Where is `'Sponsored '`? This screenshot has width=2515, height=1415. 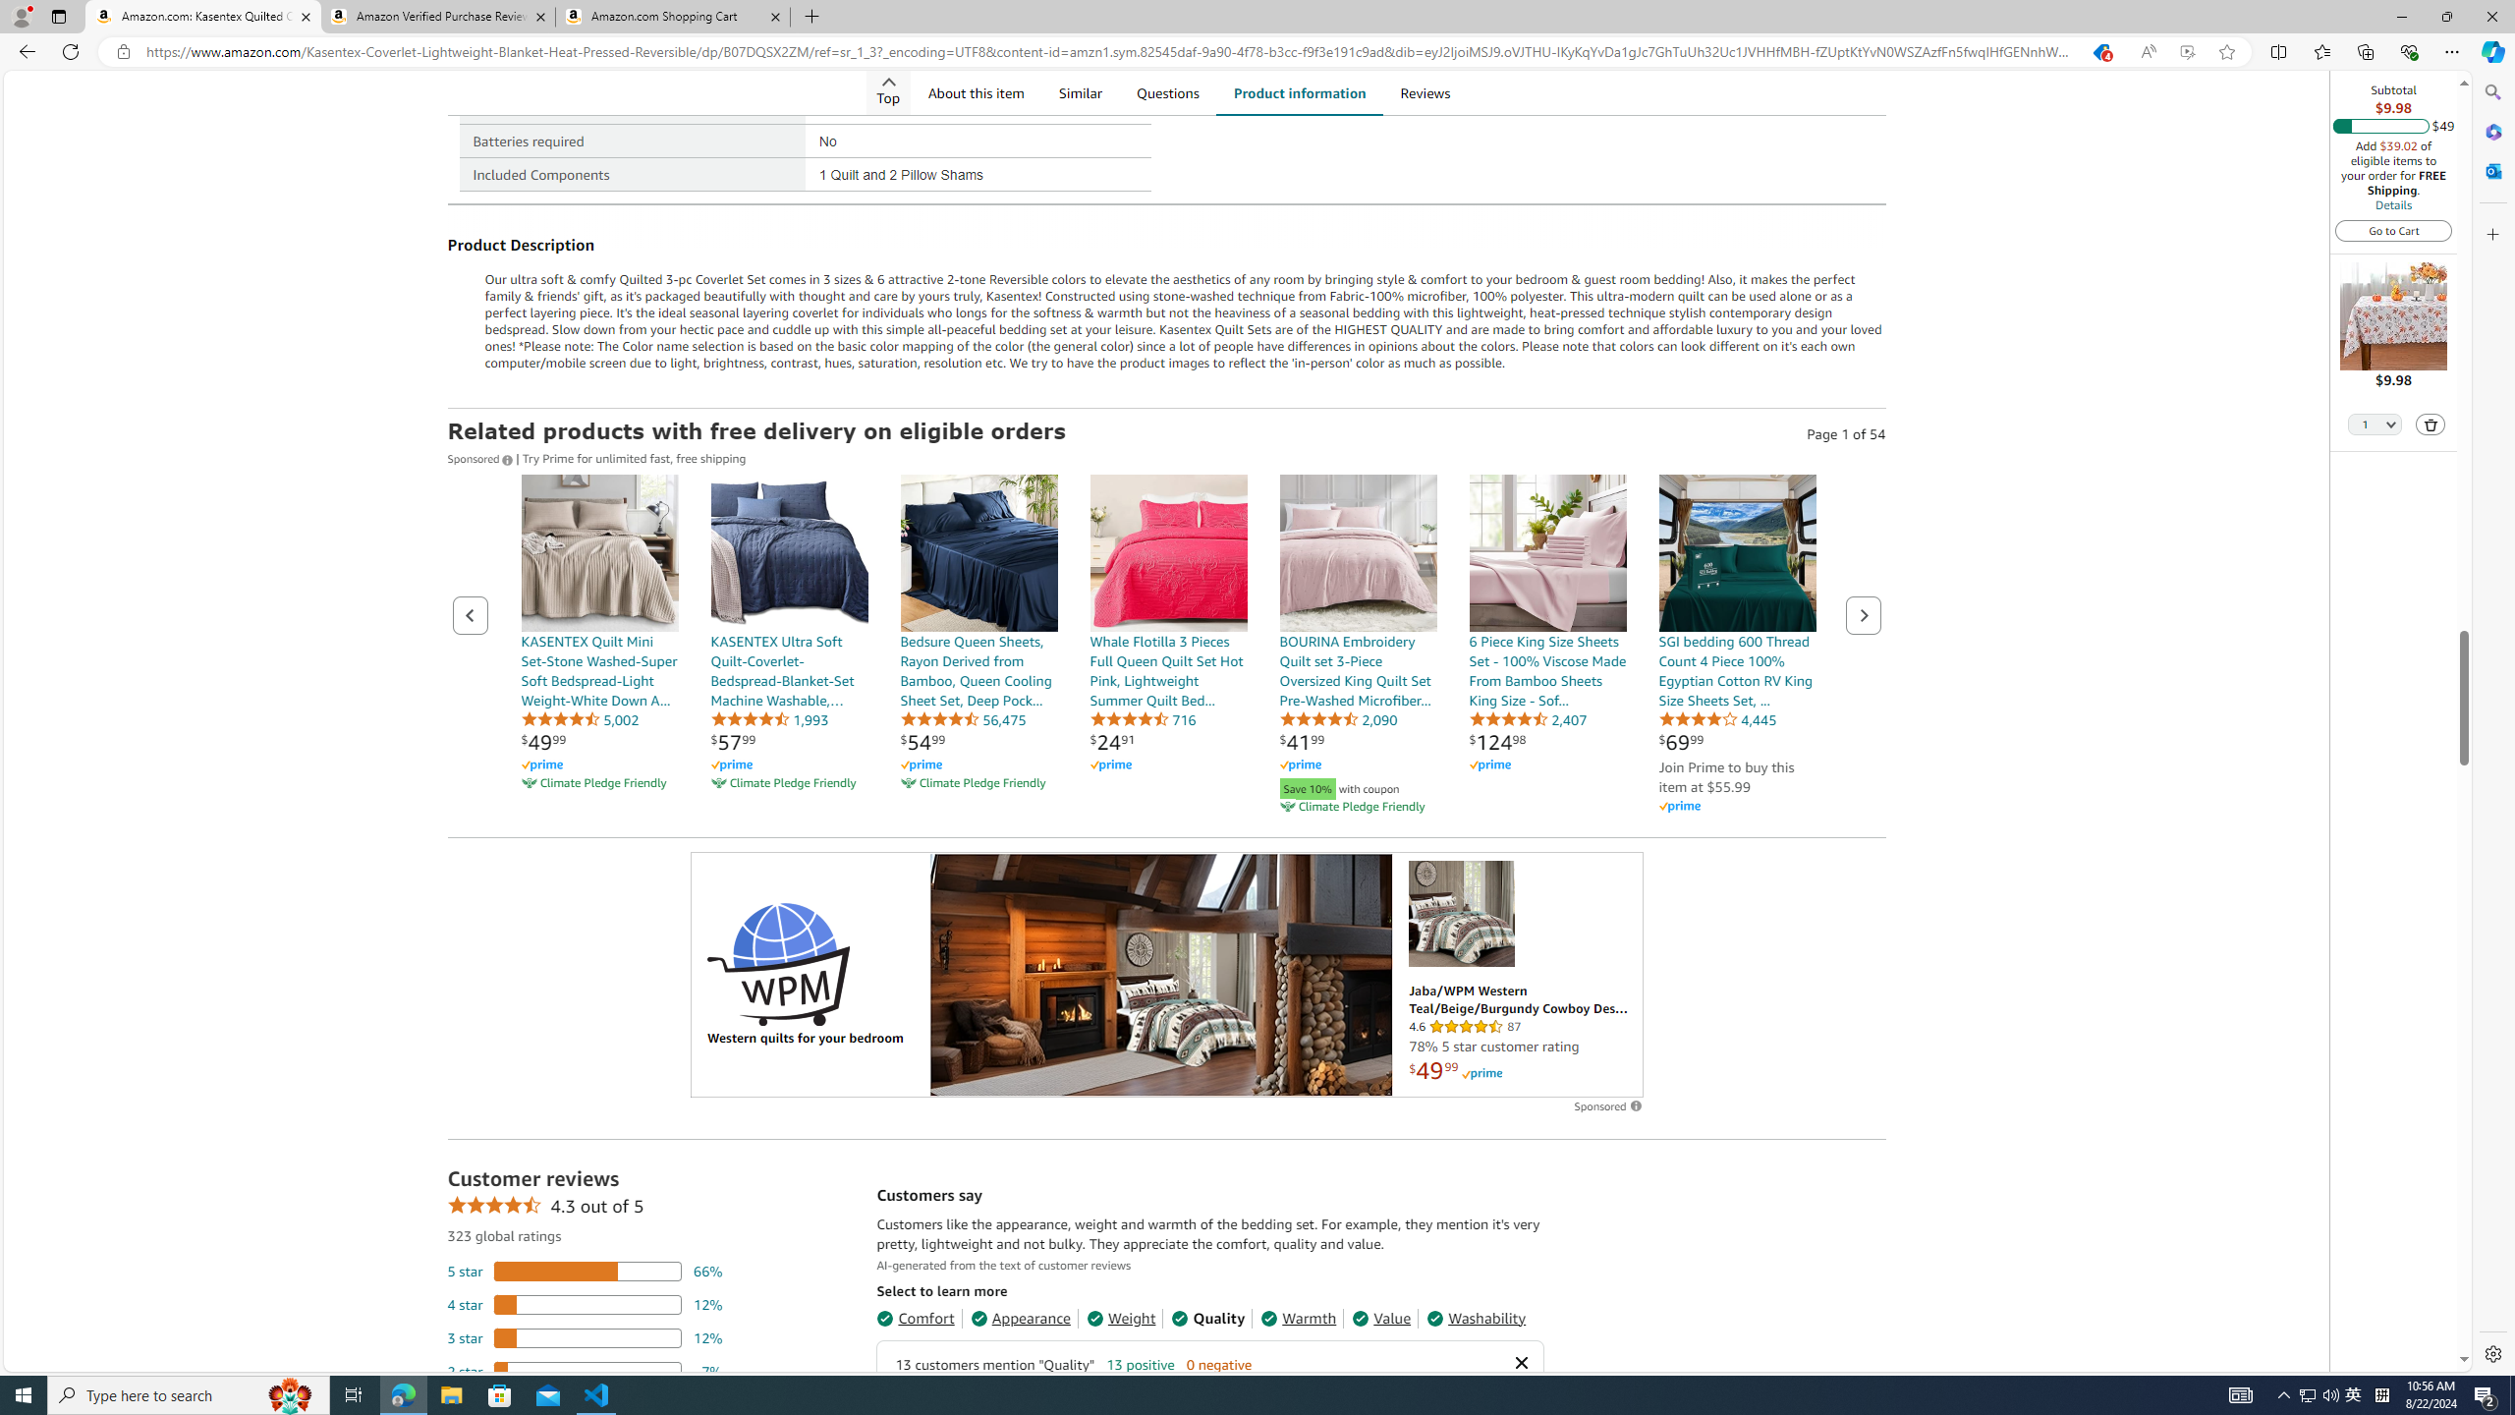 'Sponsored ' is located at coordinates (480, 456).